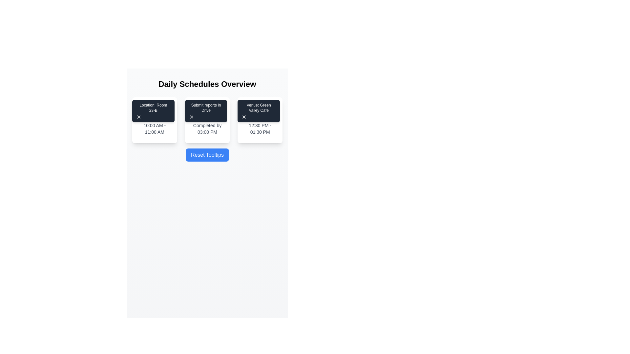 Image resolution: width=630 pixels, height=354 pixels. What do you see at coordinates (207, 120) in the screenshot?
I see `the informational card that provides details about the project deadline and report submission instructions, which is the second card in a grid layout under the 'Daily Schedules Overview'` at bounding box center [207, 120].